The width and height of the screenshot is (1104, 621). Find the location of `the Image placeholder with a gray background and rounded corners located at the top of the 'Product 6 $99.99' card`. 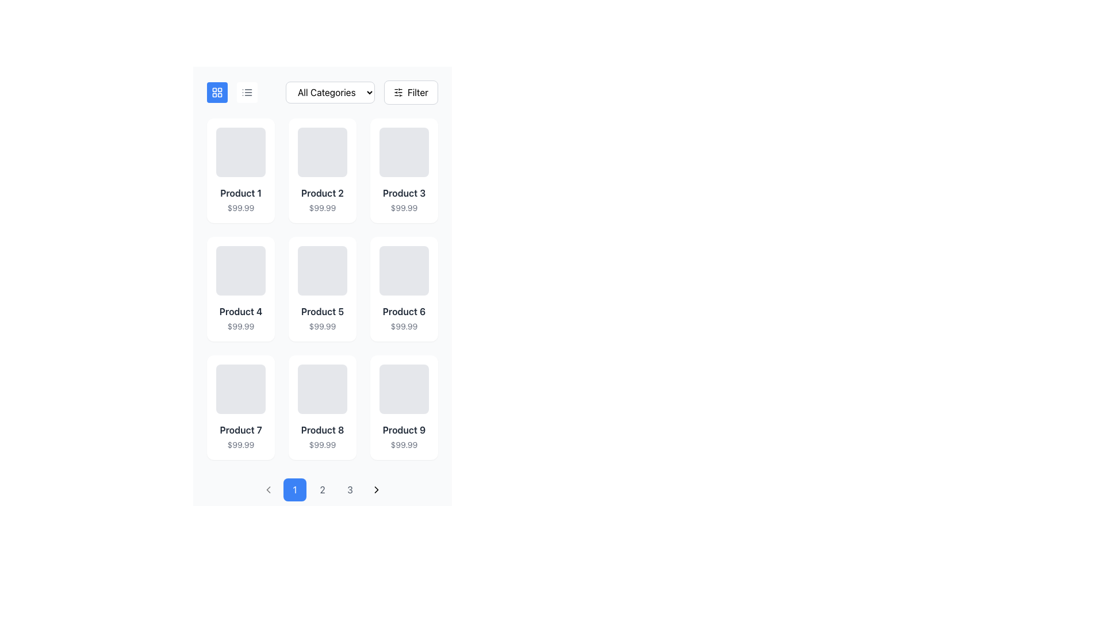

the Image placeholder with a gray background and rounded corners located at the top of the 'Product 6 $99.99' card is located at coordinates (404, 270).